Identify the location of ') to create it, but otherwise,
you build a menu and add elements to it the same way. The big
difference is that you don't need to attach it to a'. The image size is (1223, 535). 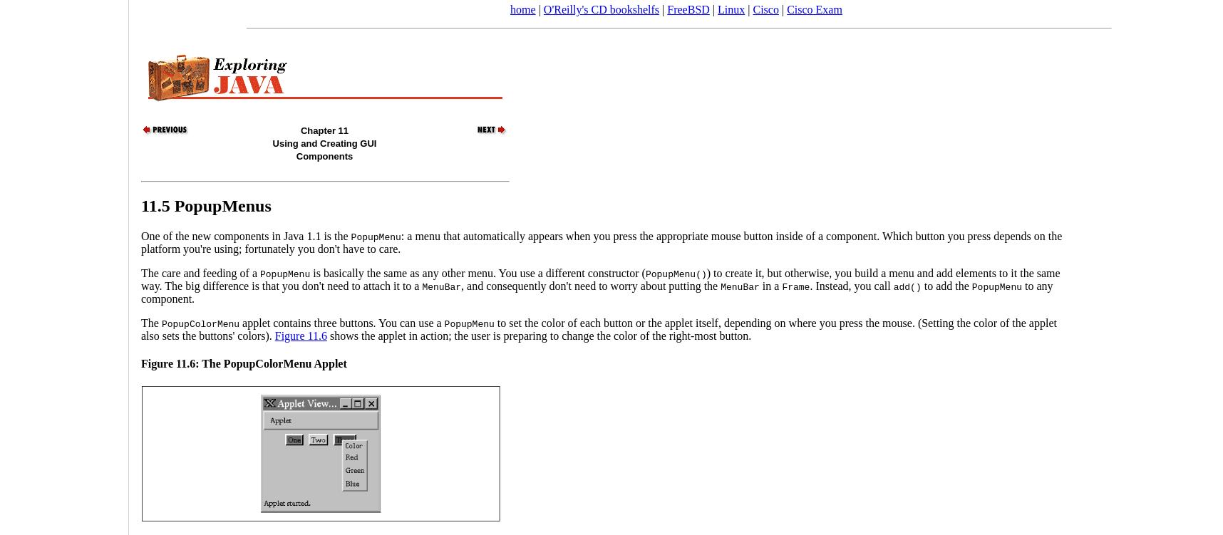
(600, 278).